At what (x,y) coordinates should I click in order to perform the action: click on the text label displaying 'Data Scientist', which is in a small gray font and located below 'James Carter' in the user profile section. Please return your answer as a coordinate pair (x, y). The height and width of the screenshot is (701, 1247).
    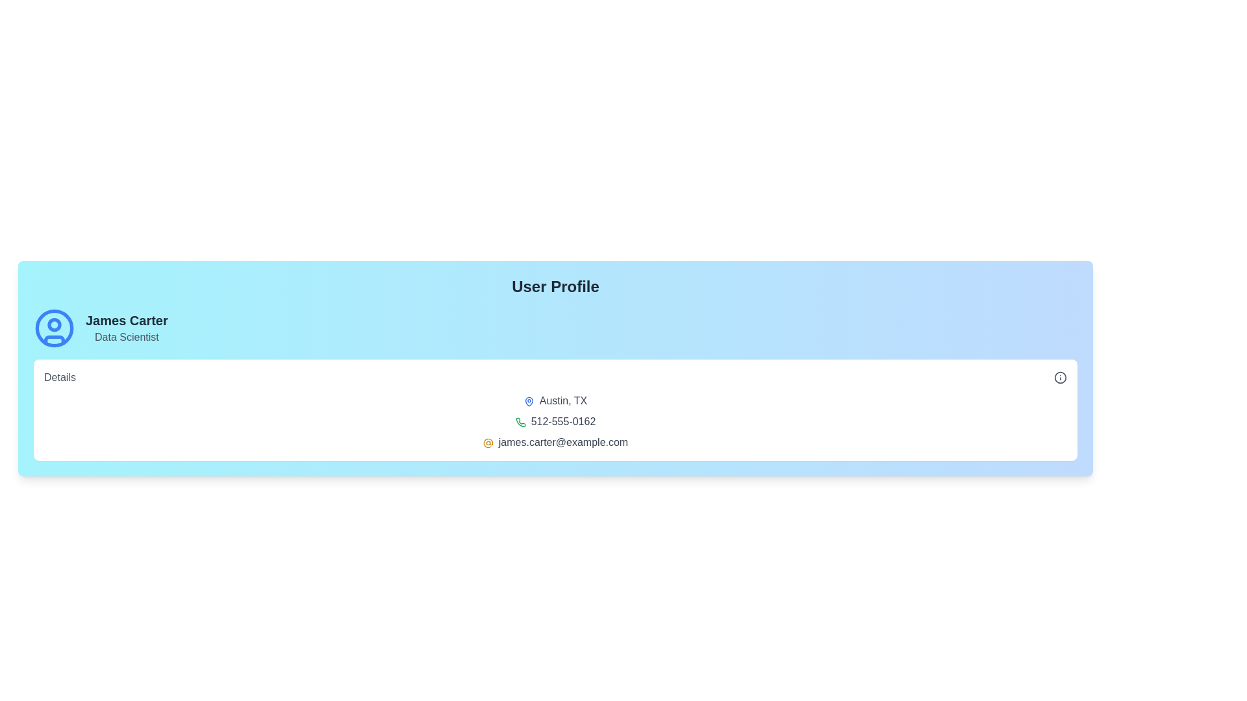
    Looking at the image, I should click on (127, 337).